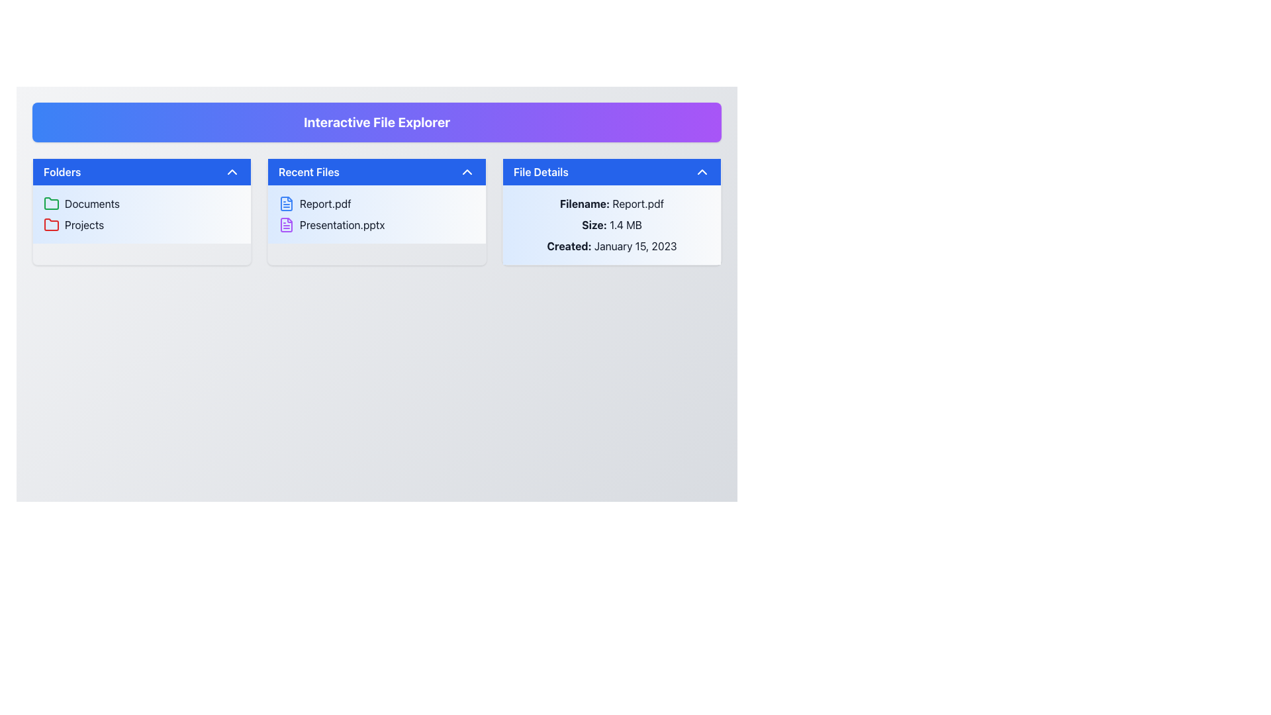 The width and height of the screenshot is (1271, 715). I want to click on the Information Panel located on the rightmost column below the 'Interactive File Explorer' heading, so click(611, 211).